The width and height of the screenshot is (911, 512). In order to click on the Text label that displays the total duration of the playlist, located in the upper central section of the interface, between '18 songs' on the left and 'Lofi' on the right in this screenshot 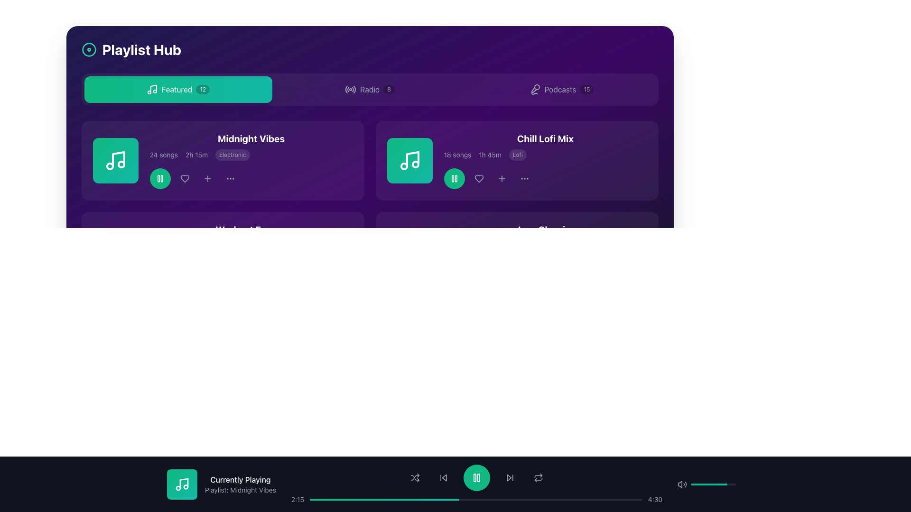, I will do `click(490, 155)`.